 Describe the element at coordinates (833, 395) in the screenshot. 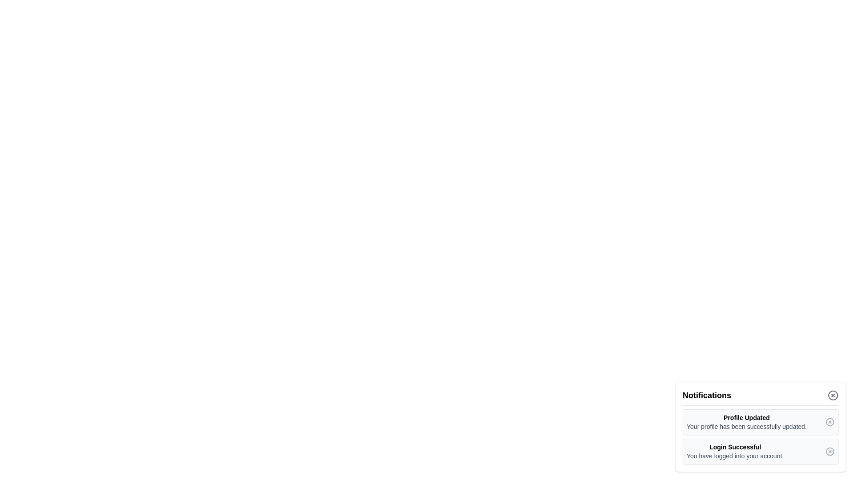

I see `the decorative circular boundary of the close button located at the top-right corner of the 'Notifications' panel to initiate the close action` at that location.